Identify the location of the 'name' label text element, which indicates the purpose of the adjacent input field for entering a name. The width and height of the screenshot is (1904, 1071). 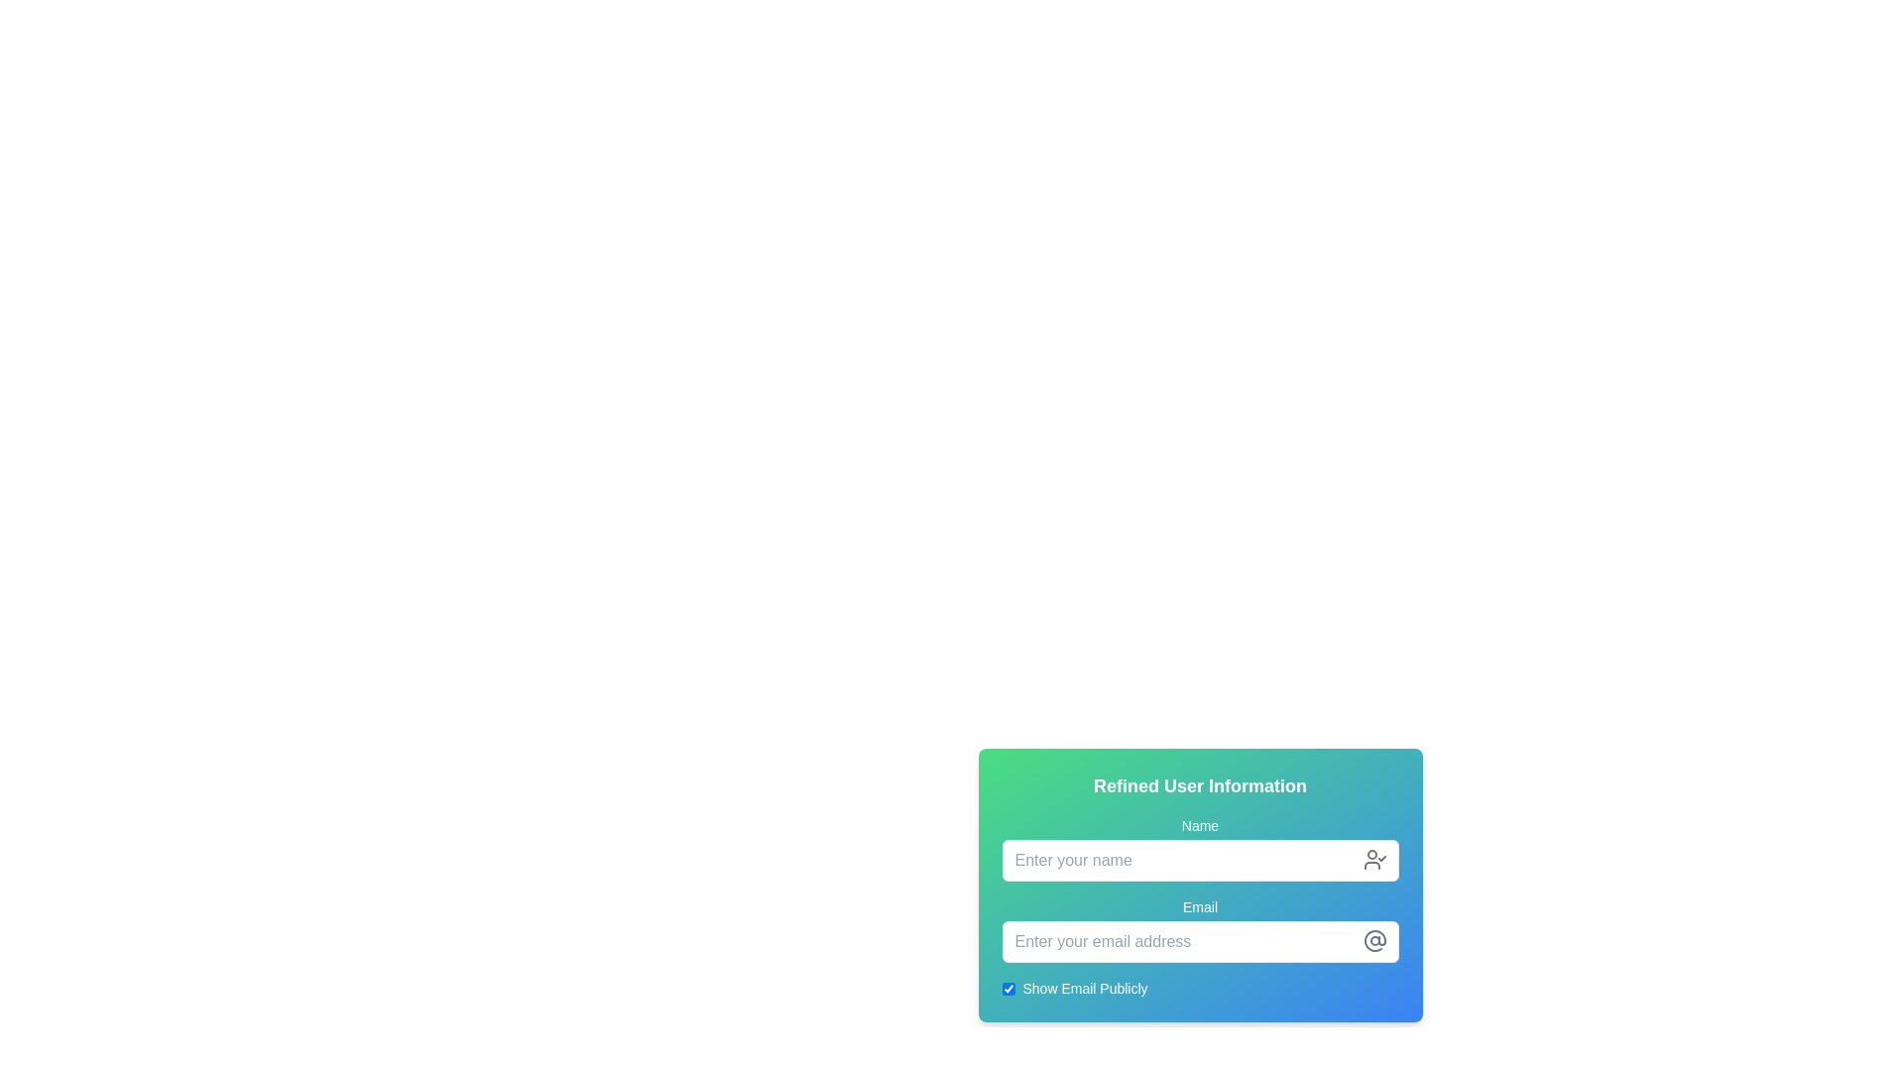
(1199, 826).